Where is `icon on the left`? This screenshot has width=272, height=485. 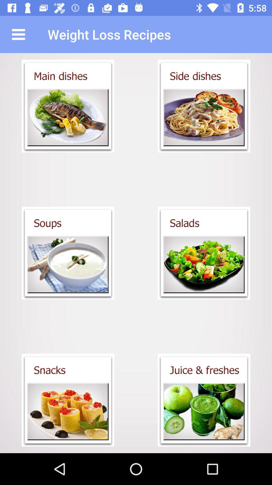 icon on the left is located at coordinates (68, 253).